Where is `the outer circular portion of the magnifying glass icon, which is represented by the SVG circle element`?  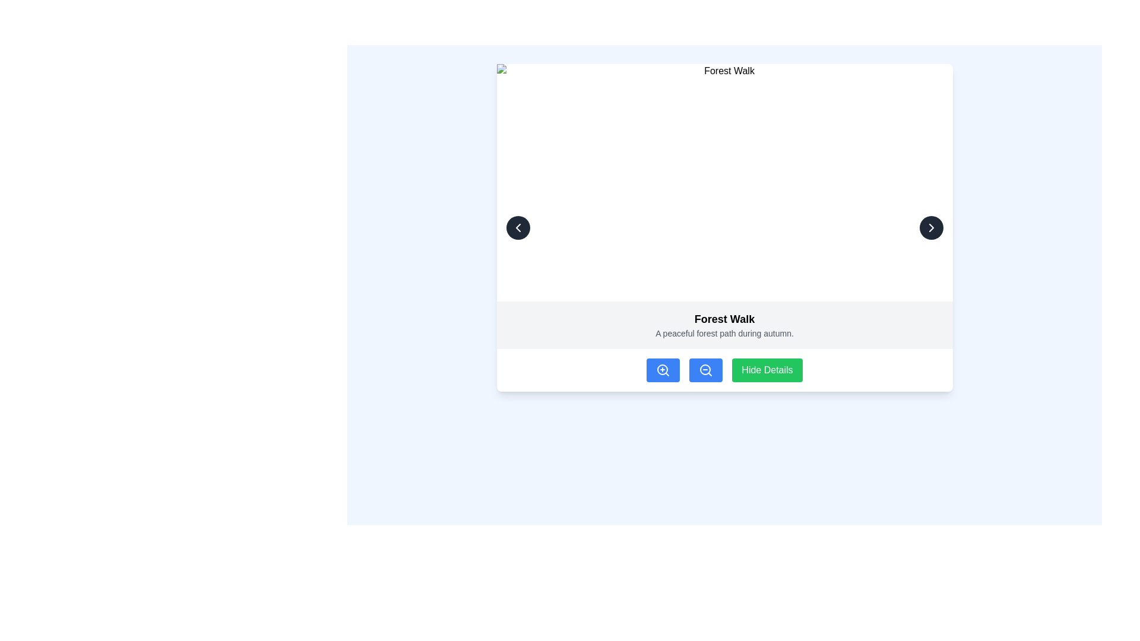 the outer circular portion of the magnifying glass icon, which is represented by the SVG circle element is located at coordinates (705, 369).